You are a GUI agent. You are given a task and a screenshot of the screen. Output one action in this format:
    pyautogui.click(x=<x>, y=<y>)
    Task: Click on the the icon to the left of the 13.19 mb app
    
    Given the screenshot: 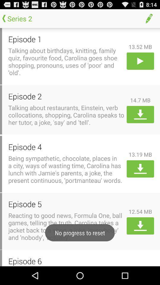 What is the action you would take?
    pyautogui.click(x=66, y=146)
    